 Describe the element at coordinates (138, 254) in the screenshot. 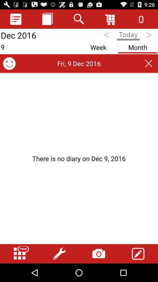

I see `write option` at that location.